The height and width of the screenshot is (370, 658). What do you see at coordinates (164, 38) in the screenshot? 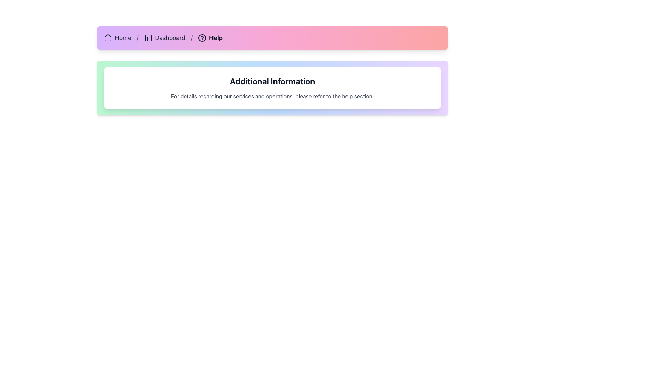
I see `the 'Dashboard' Breadcrumb navigation item` at bounding box center [164, 38].